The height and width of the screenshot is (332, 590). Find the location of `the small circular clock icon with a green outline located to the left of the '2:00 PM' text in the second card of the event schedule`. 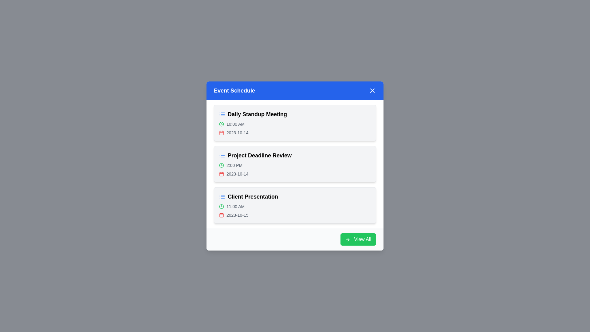

the small circular clock icon with a green outline located to the left of the '2:00 PM' text in the second card of the event schedule is located at coordinates (221, 165).